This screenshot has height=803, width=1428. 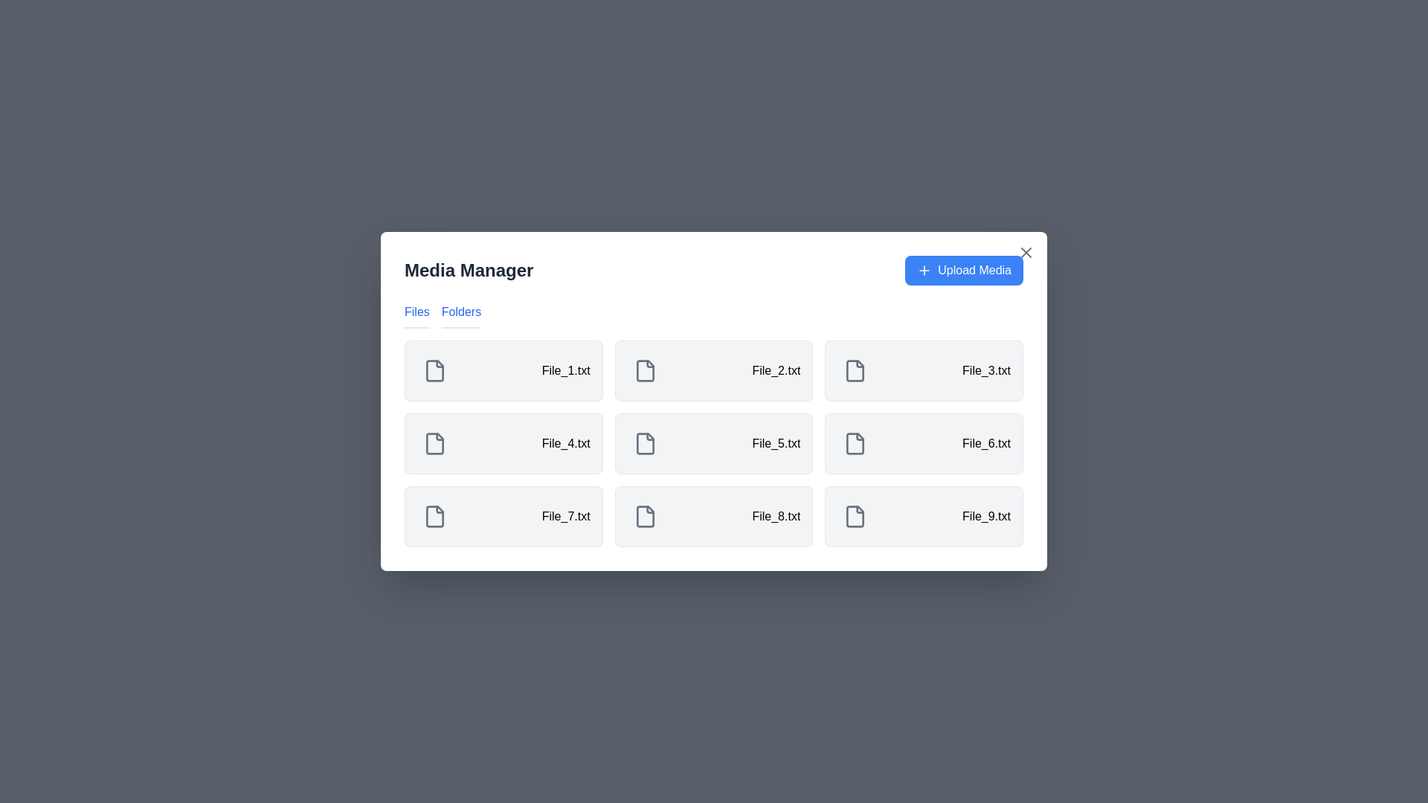 What do you see at coordinates (565, 443) in the screenshot?
I see `the text label representing 'File_5.txt' in the file manager UI, located in the center row of a 3x3 grid layout, adjacent to the file icon` at bounding box center [565, 443].